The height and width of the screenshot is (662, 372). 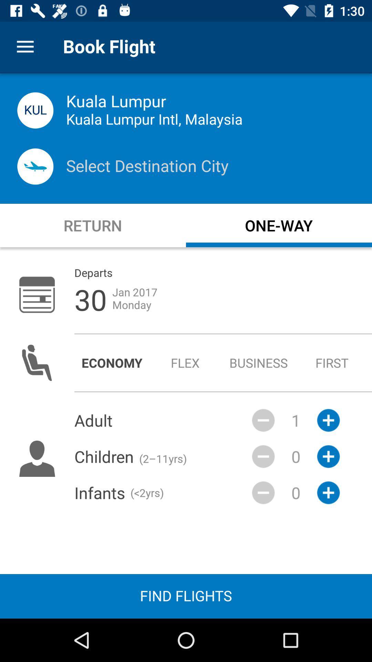 What do you see at coordinates (332, 362) in the screenshot?
I see `the item to the right of the business icon` at bounding box center [332, 362].